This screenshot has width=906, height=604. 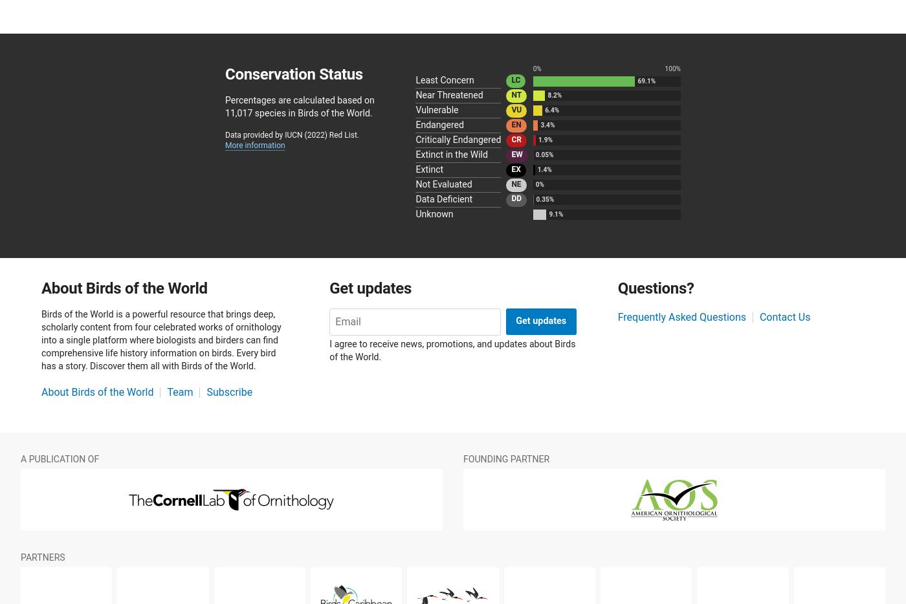 I want to click on 'Extinct in the Wild', so click(x=451, y=155).